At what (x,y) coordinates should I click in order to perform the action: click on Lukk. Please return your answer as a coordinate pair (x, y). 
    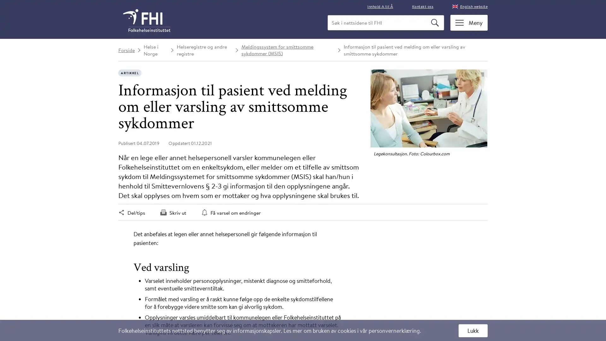
    Looking at the image, I should click on (473, 330).